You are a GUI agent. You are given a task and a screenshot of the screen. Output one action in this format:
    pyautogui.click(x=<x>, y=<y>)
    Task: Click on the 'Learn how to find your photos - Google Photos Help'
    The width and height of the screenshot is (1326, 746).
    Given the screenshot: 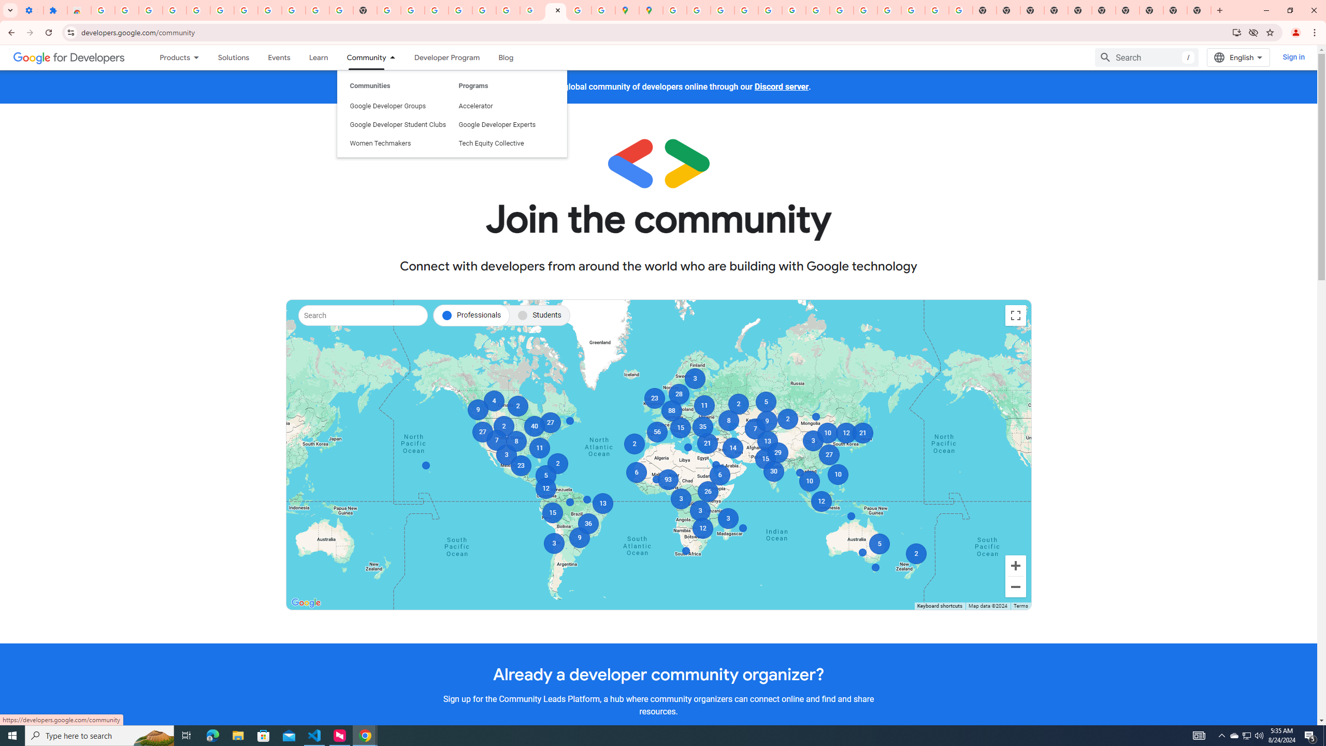 What is the action you would take?
    pyautogui.click(x=198, y=10)
    